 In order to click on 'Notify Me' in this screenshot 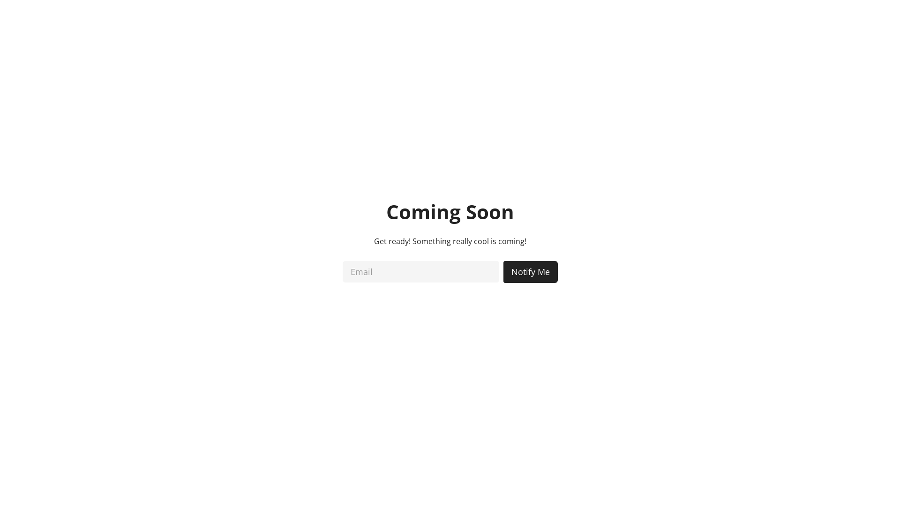, I will do `click(531, 271)`.